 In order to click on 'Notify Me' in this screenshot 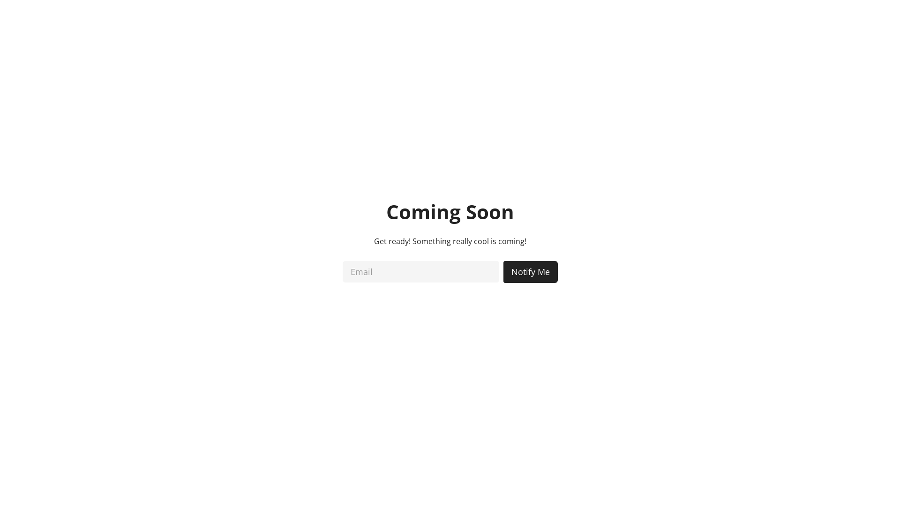, I will do `click(531, 271)`.